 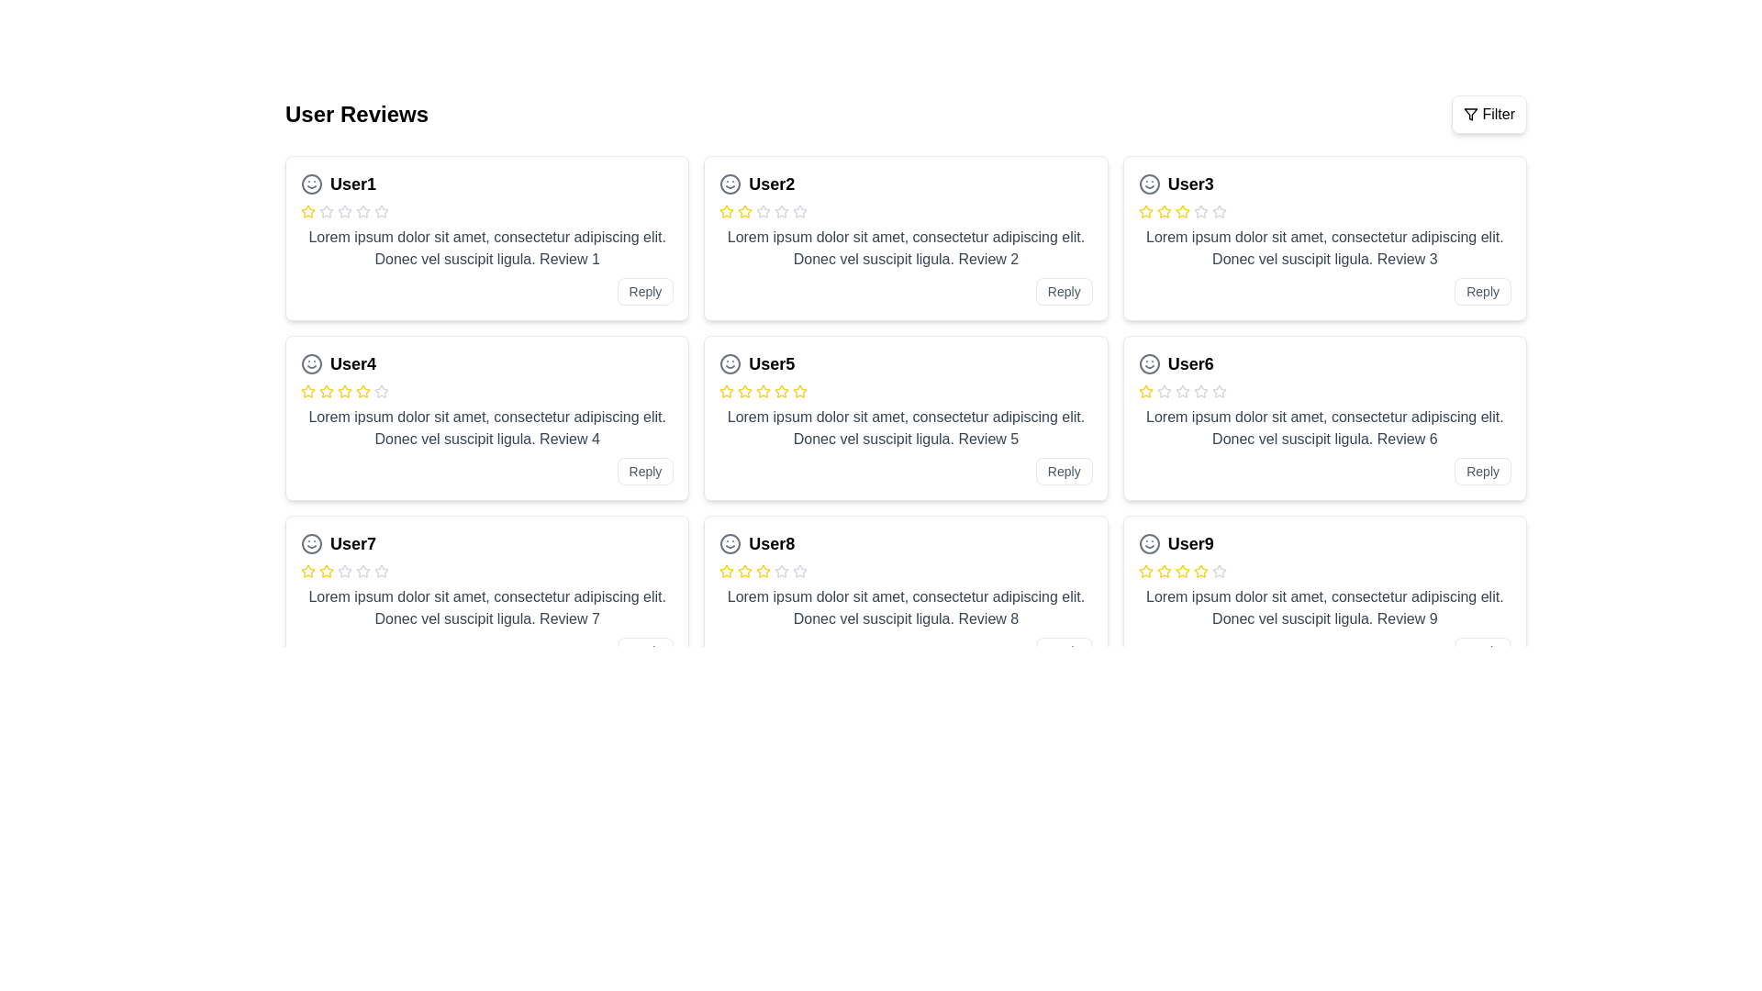 What do you see at coordinates (782, 210) in the screenshot?
I see `the second star-shaped icon in the rating system located in the second card titled 'User2' in the review grid` at bounding box center [782, 210].